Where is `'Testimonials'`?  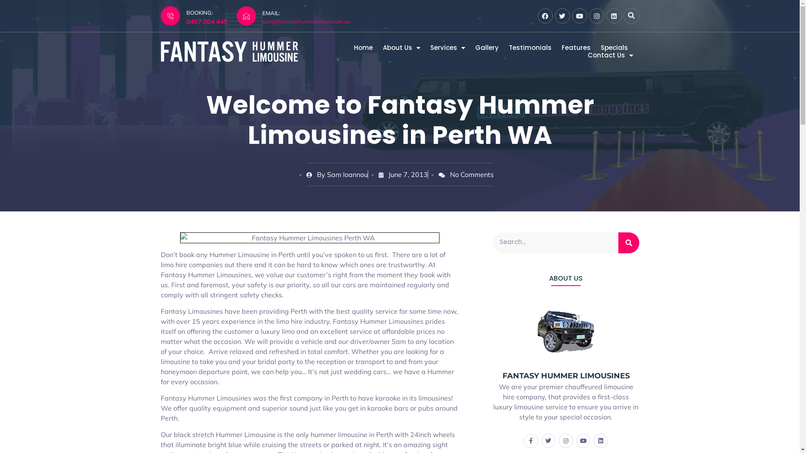
'Testimonials' is located at coordinates (529, 48).